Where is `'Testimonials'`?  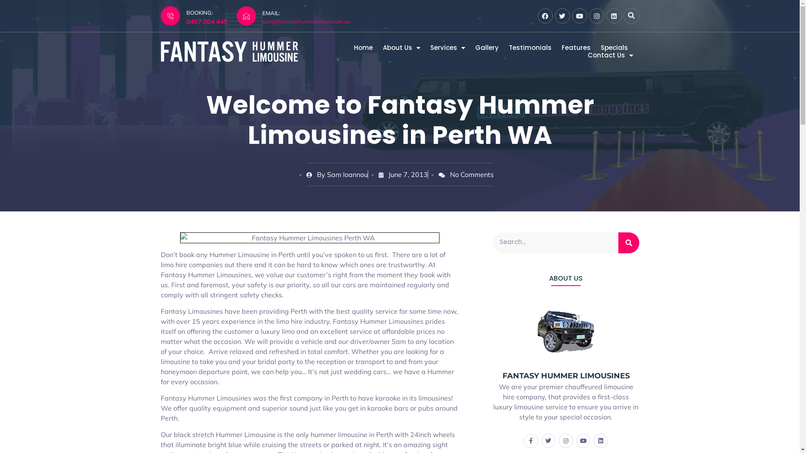
'Testimonials' is located at coordinates (529, 48).